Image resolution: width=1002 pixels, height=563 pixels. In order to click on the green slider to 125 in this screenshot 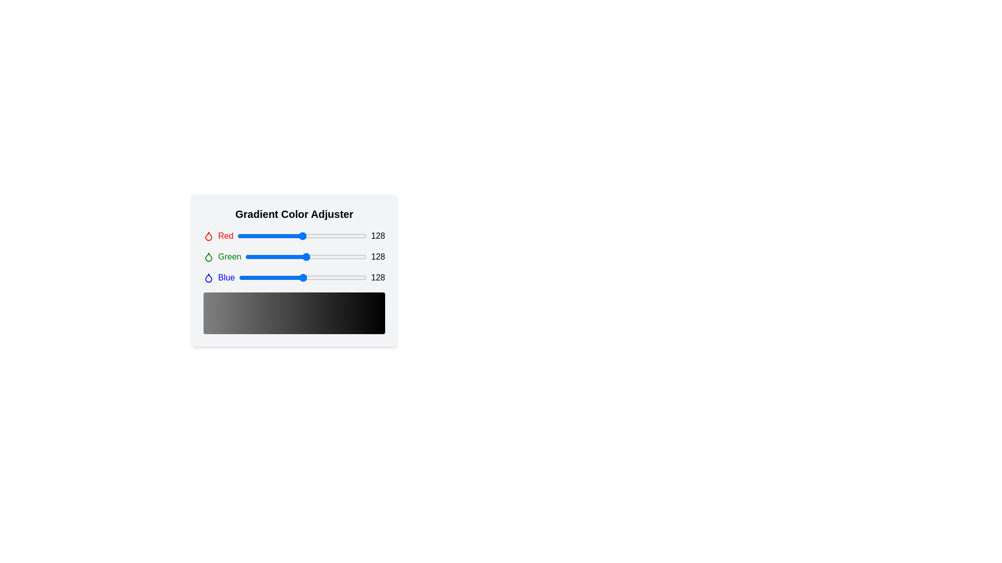, I will do `click(304, 257)`.